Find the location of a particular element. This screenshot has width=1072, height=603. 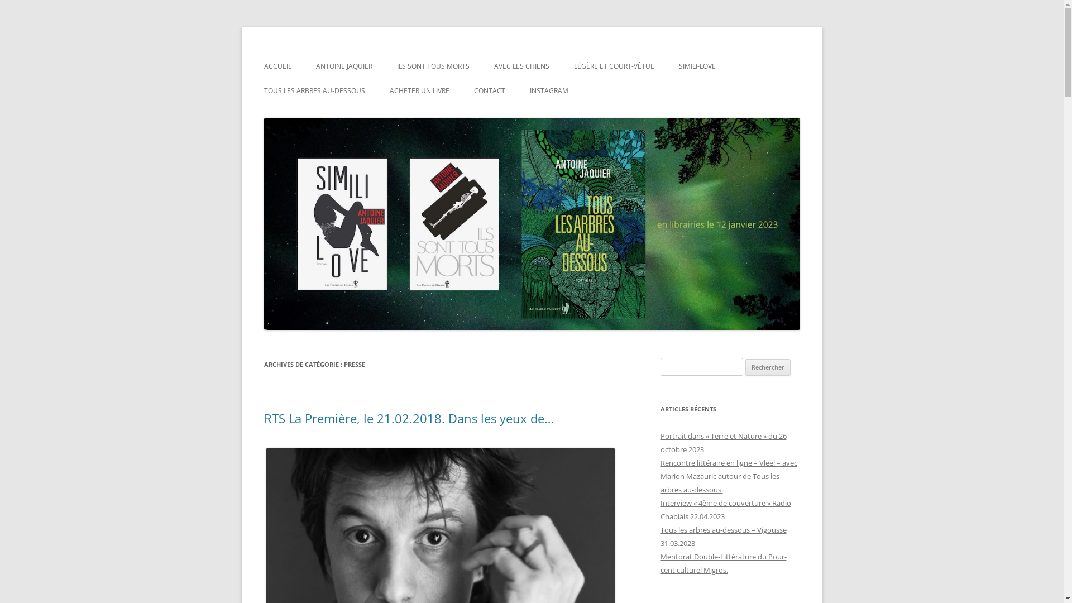

'ACHETER UN LIVRE' is located at coordinates (389, 90).